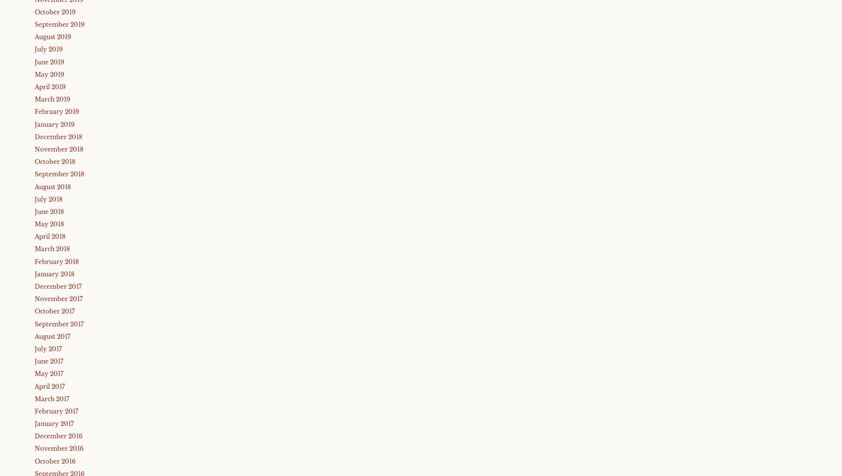 This screenshot has width=842, height=476. Describe the element at coordinates (58, 435) in the screenshot. I see `'December 2016'` at that location.